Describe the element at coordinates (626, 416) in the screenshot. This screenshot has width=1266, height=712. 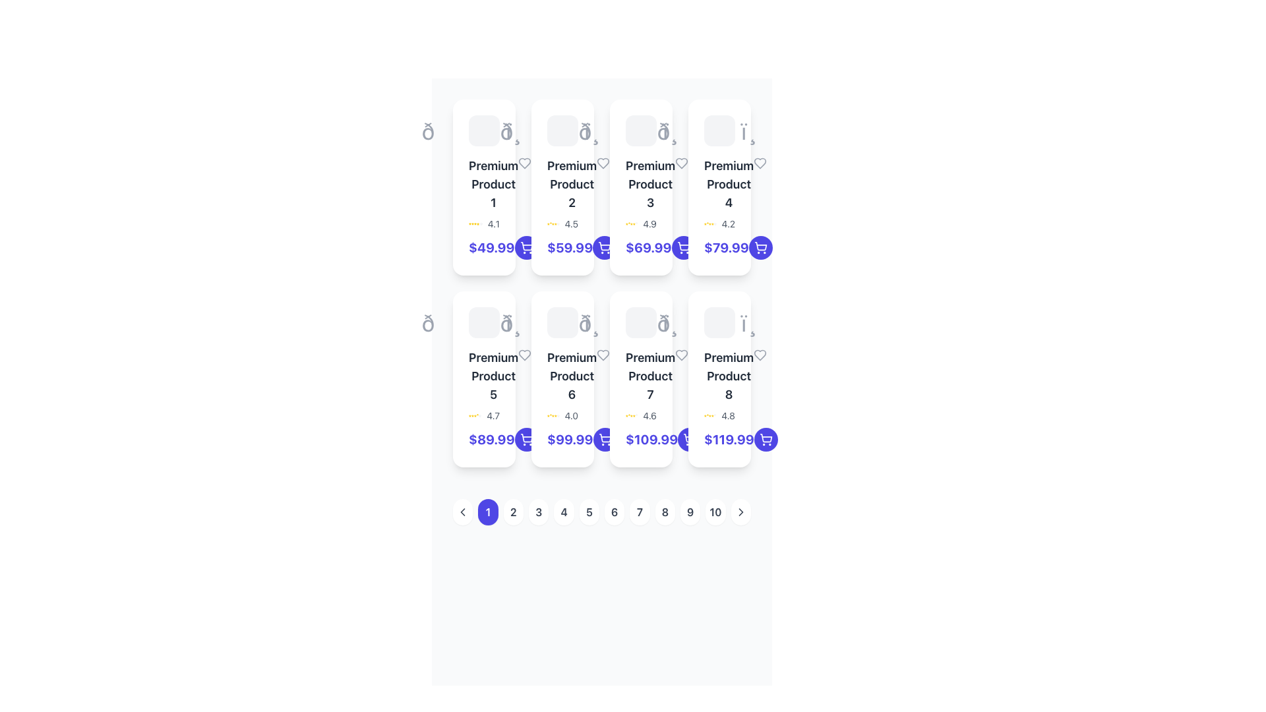
I see `the first filled star icon representing the rating for 'Premium Product 7' in the second row of the product grid interface` at that location.